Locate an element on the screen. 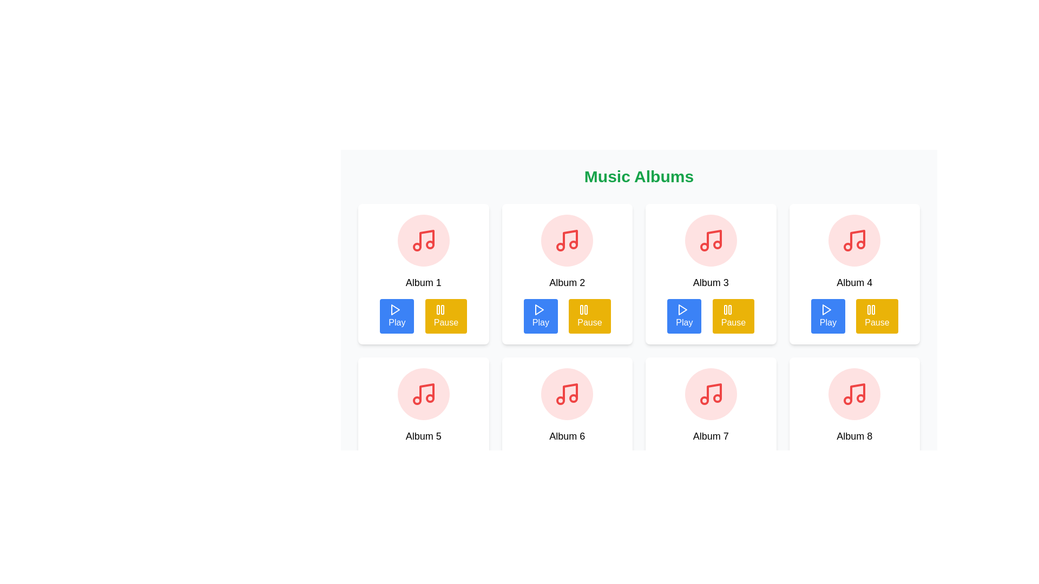  the icon representing 'Album 5', located at the top-center of the card in the second row, first column of the grid arrangement is located at coordinates (423, 394).